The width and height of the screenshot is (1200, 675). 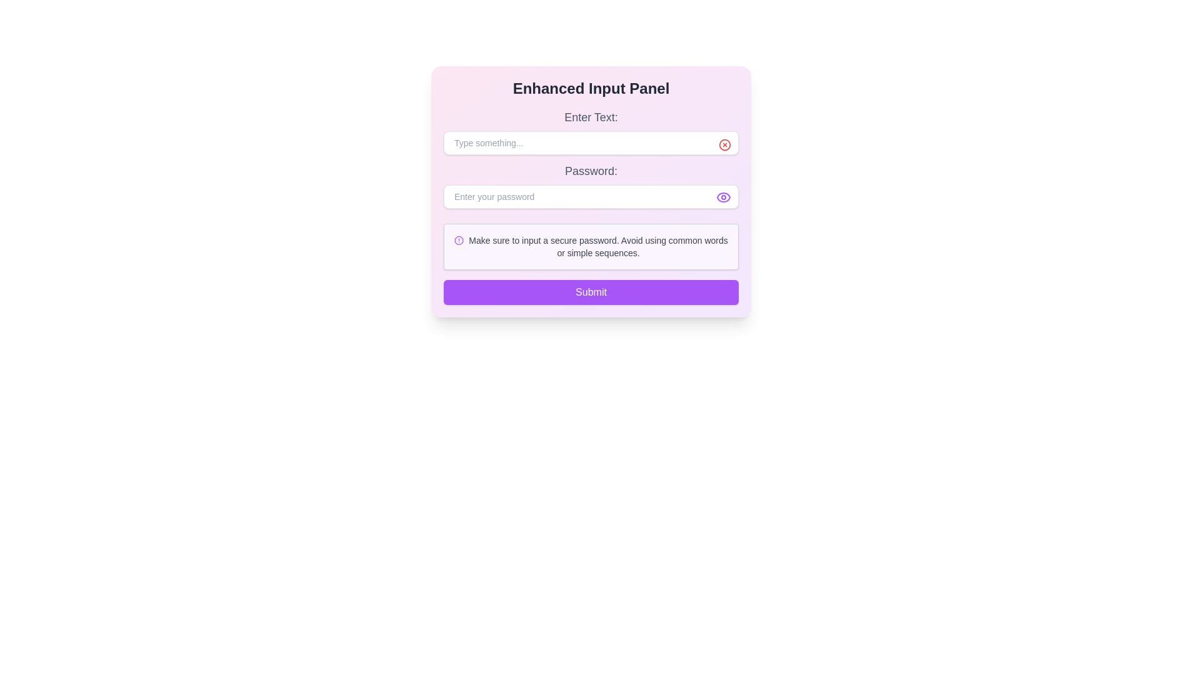 I want to click on the Text Label element that warns users about secure password input, located within the warning section below the 'Password' input field in the 'Enhanced Input Panel', so click(x=597, y=246).